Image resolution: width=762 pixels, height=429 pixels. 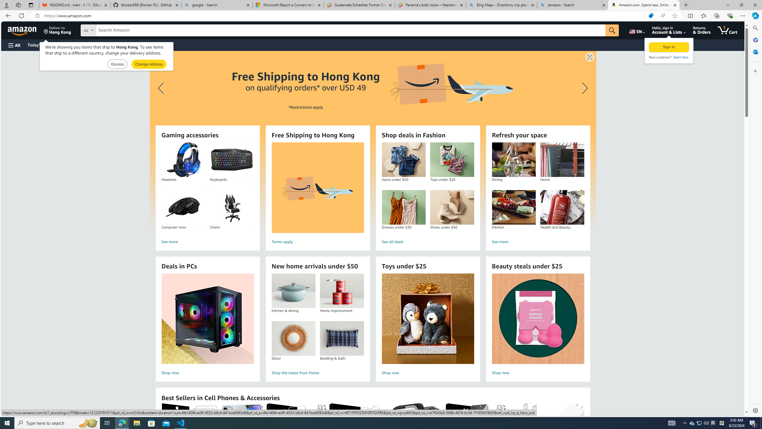 What do you see at coordinates (232, 207) in the screenshot?
I see `'Chairs'` at bounding box center [232, 207].